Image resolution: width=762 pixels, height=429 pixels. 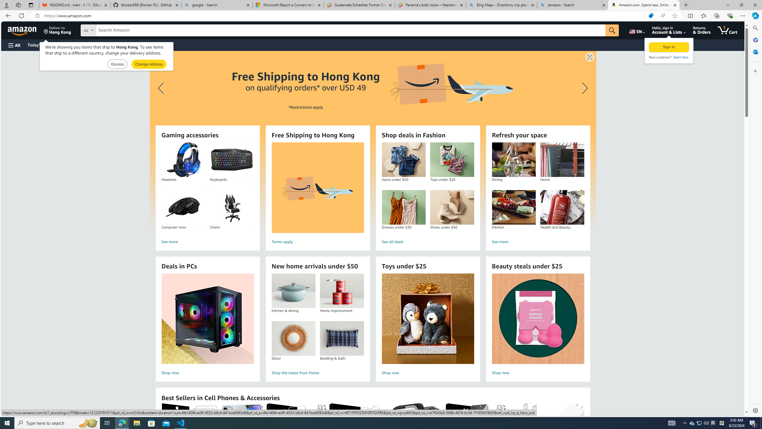 What do you see at coordinates (232, 207) in the screenshot?
I see `'Chairs'` at bounding box center [232, 207].